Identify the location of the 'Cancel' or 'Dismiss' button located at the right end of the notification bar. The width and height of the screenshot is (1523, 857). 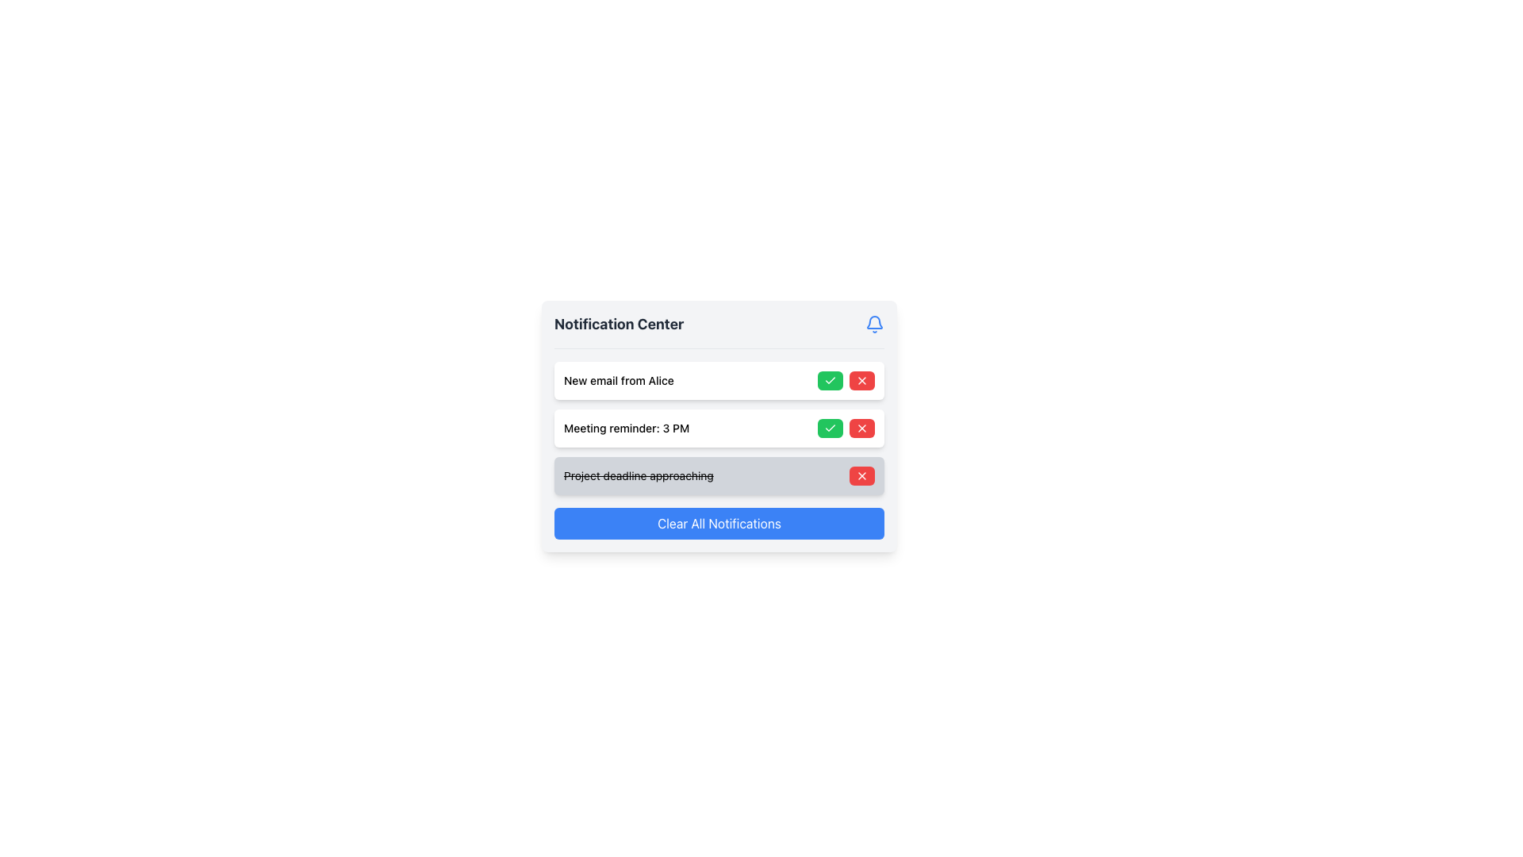
(861, 380).